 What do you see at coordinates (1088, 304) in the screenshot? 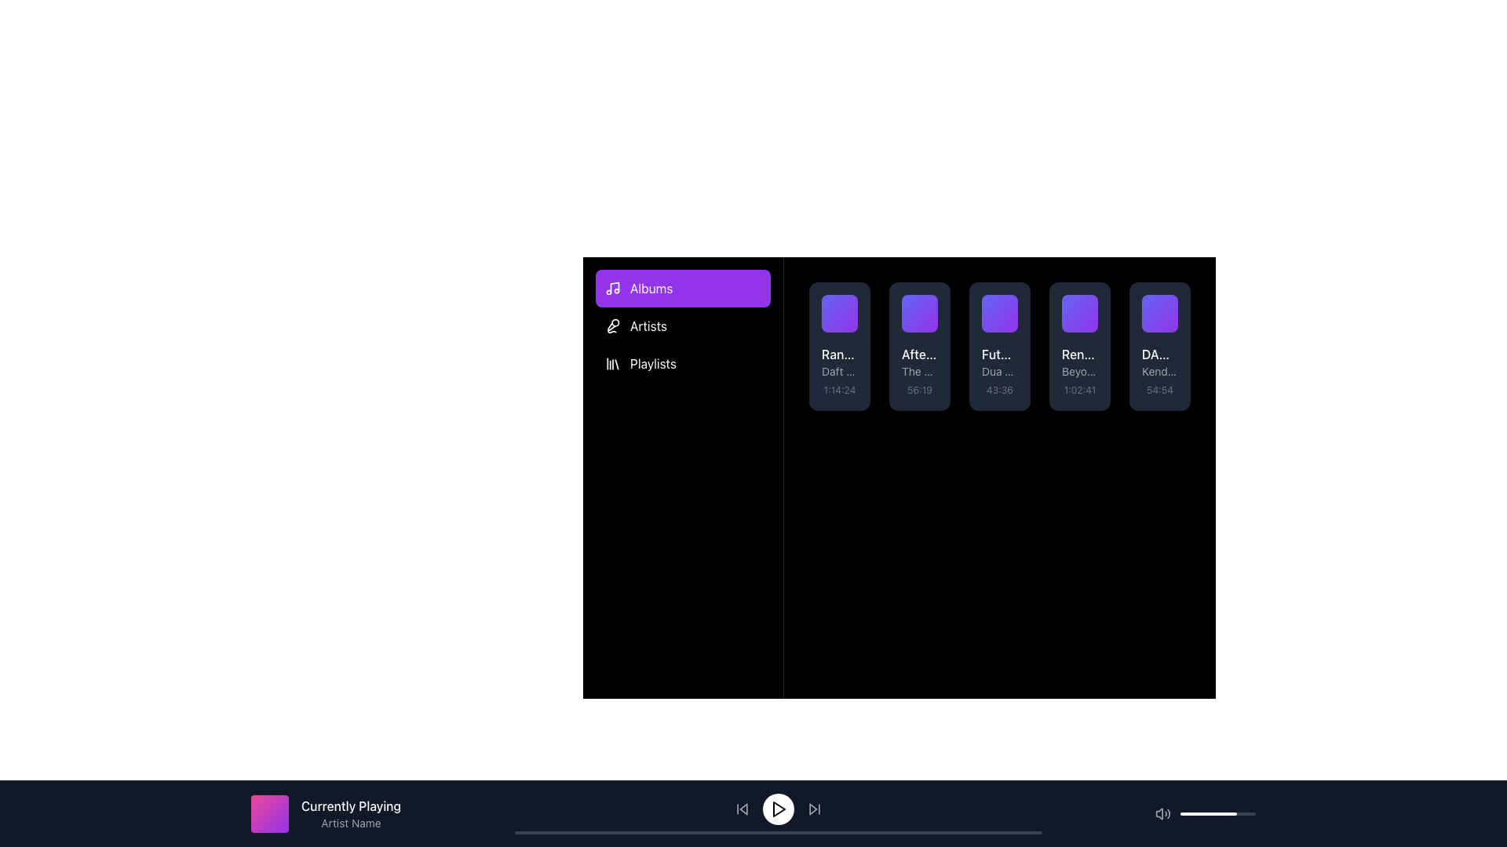
I see `the heart icon in the center of the fourth album card to mark the album as favorite` at bounding box center [1088, 304].